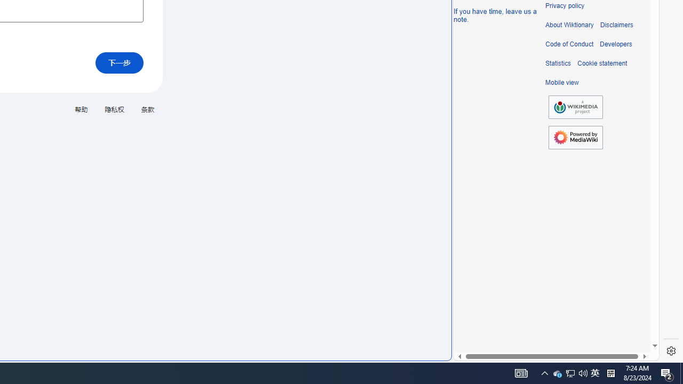 This screenshot has height=384, width=683. I want to click on 'If you have time, leave us a note.', so click(495, 15).